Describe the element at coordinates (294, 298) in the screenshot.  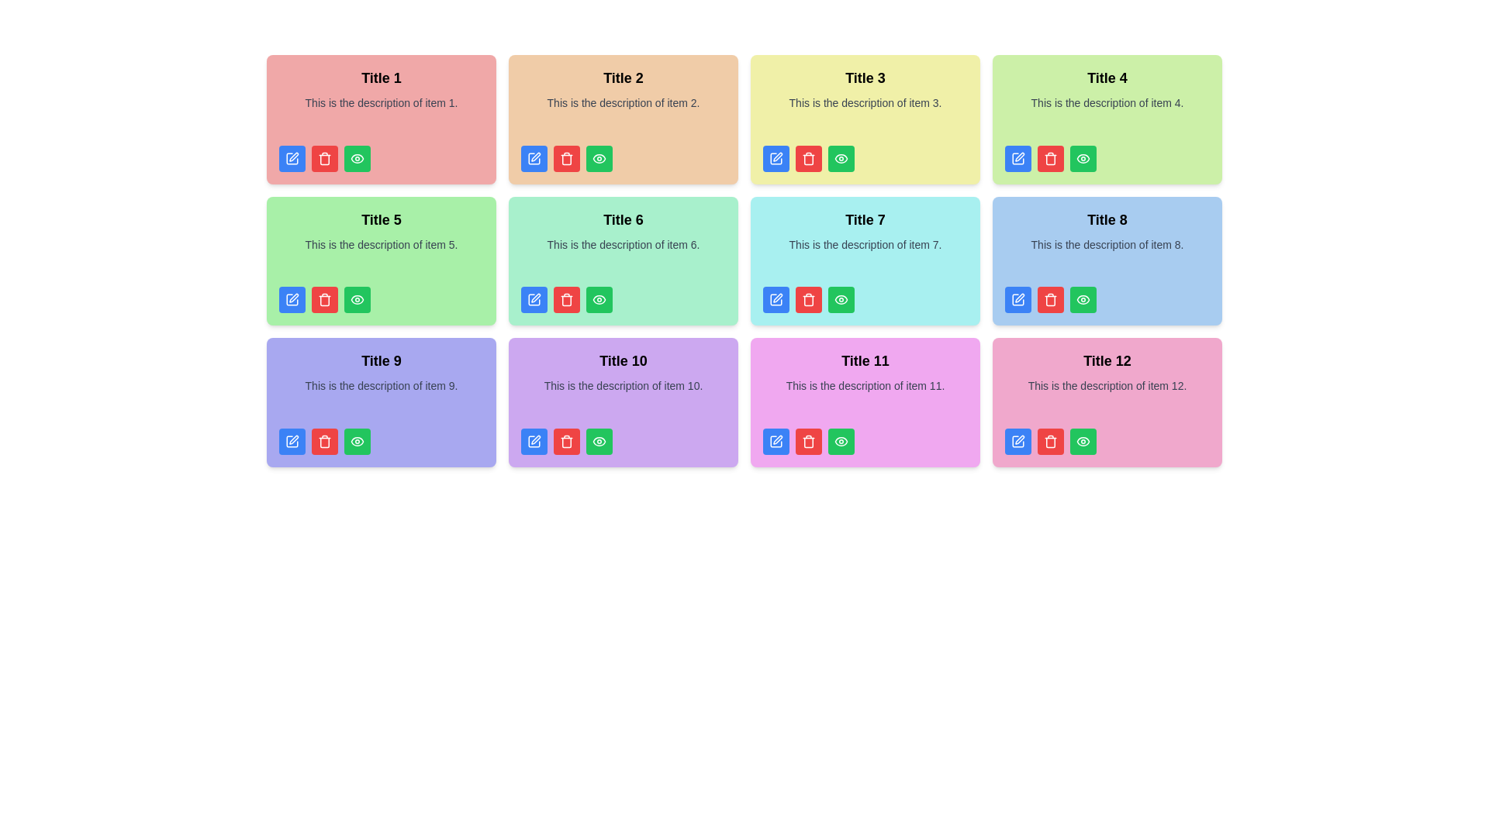
I see `the edit button for 'Title 5' using keyboard navigation` at that location.